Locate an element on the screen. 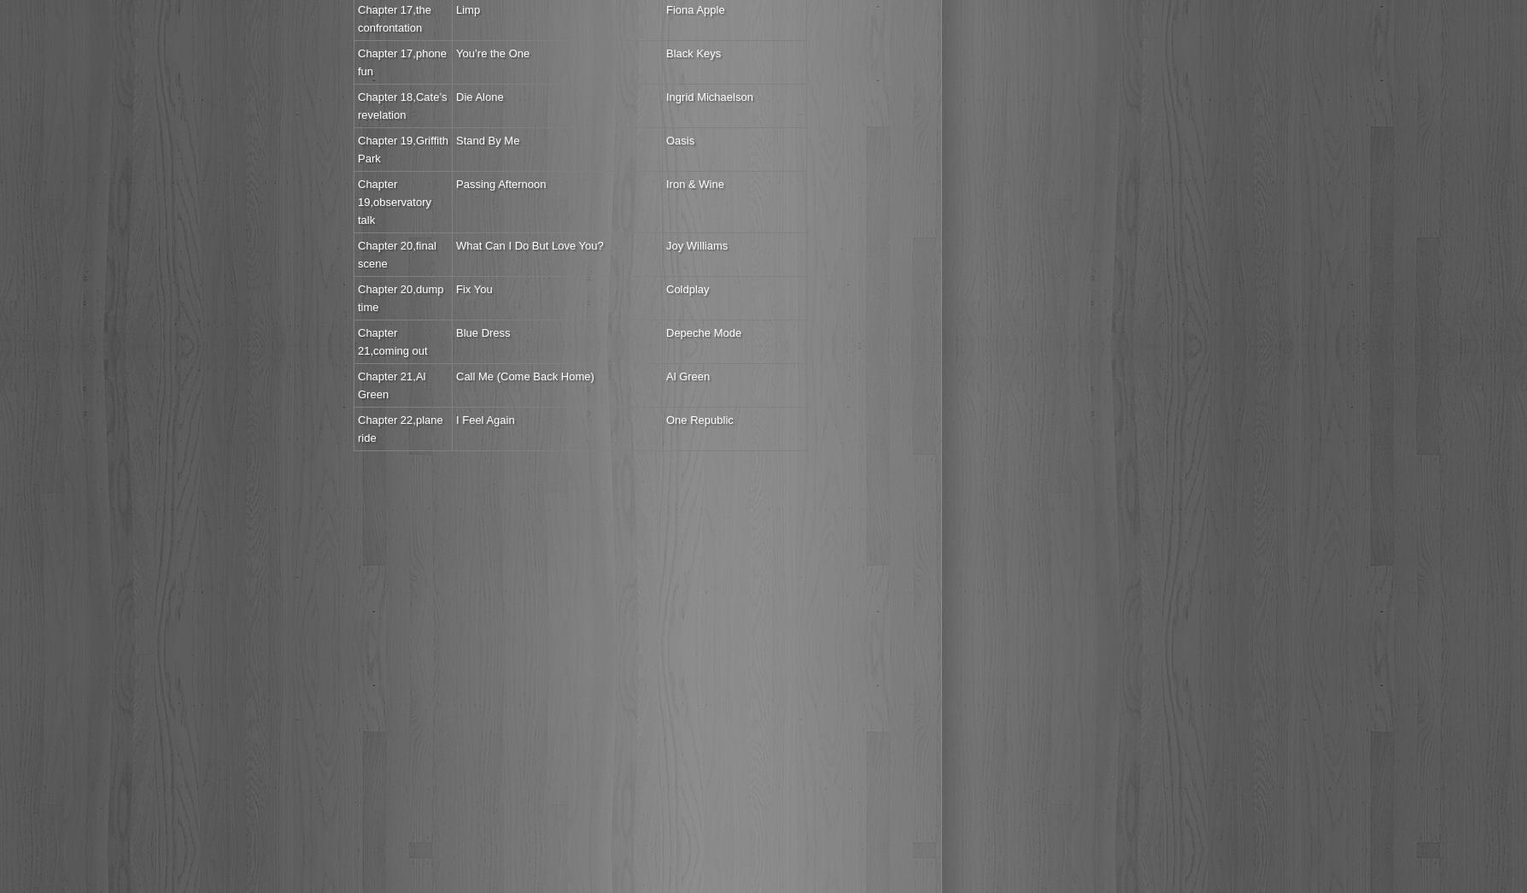 This screenshot has height=893, width=1527. 'Black Keys' is located at coordinates (692, 53).